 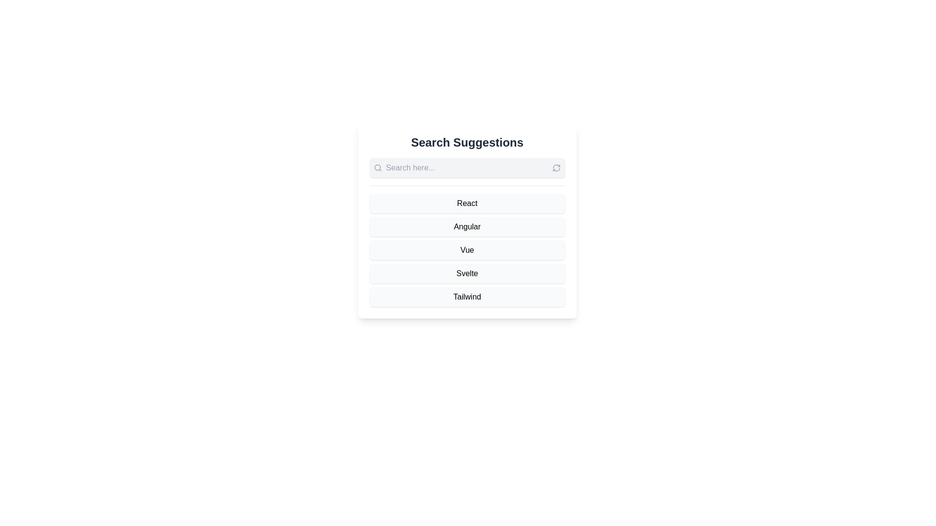 I want to click on the 'Tailwind' button, which is the fifth button in the 'Search Suggestions' list with a light gray background and rounded corners, so click(x=467, y=296).